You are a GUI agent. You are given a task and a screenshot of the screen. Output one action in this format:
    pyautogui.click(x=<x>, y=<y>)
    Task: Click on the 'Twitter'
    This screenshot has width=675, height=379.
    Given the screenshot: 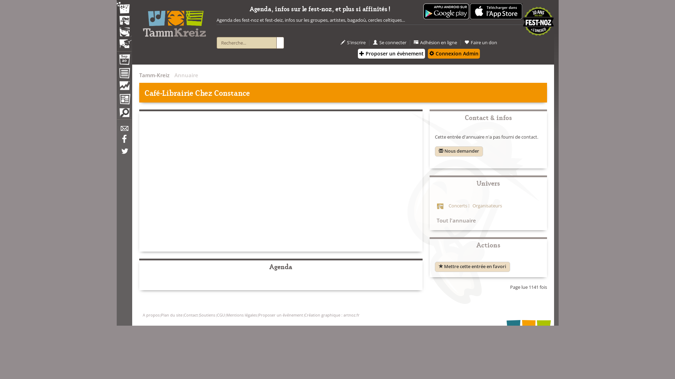 What is the action you would take?
    pyautogui.click(x=124, y=154)
    